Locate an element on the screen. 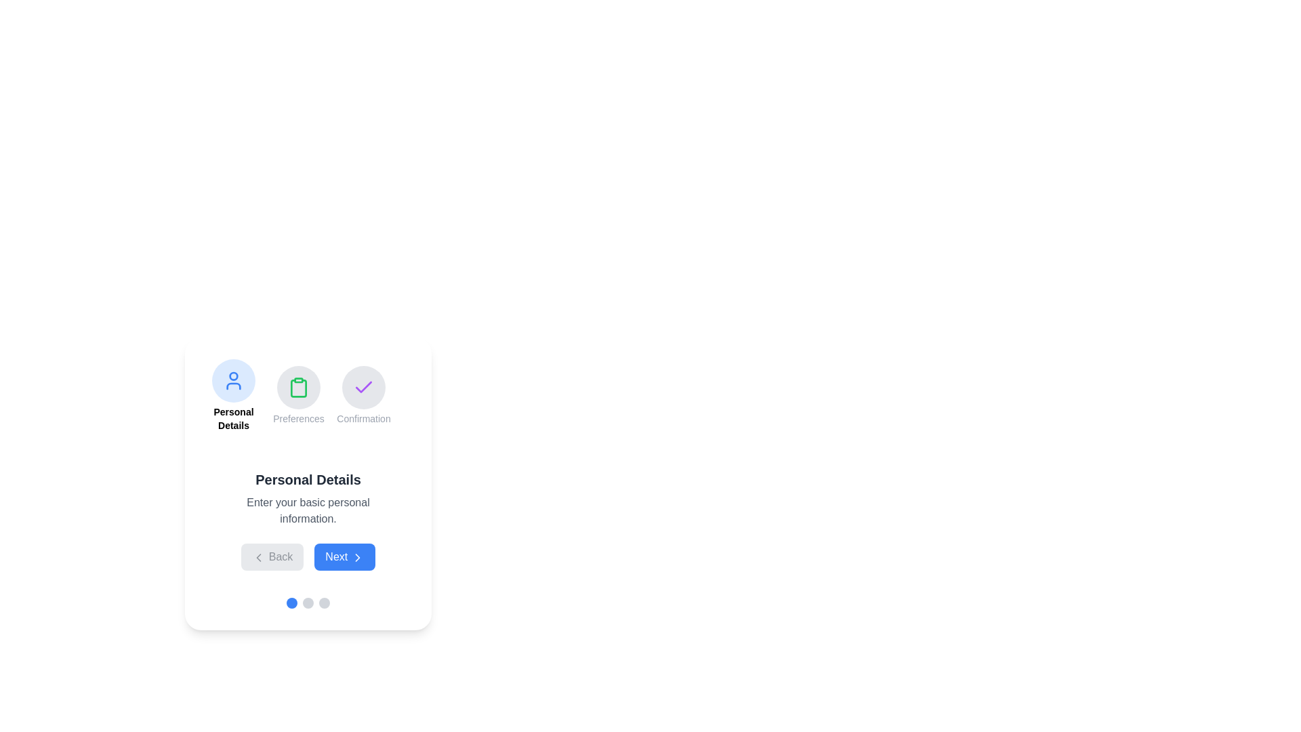  the 'Preferences' step indicator, which is the middle element in a triplet of step indicators is located at coordinates (308, 395).